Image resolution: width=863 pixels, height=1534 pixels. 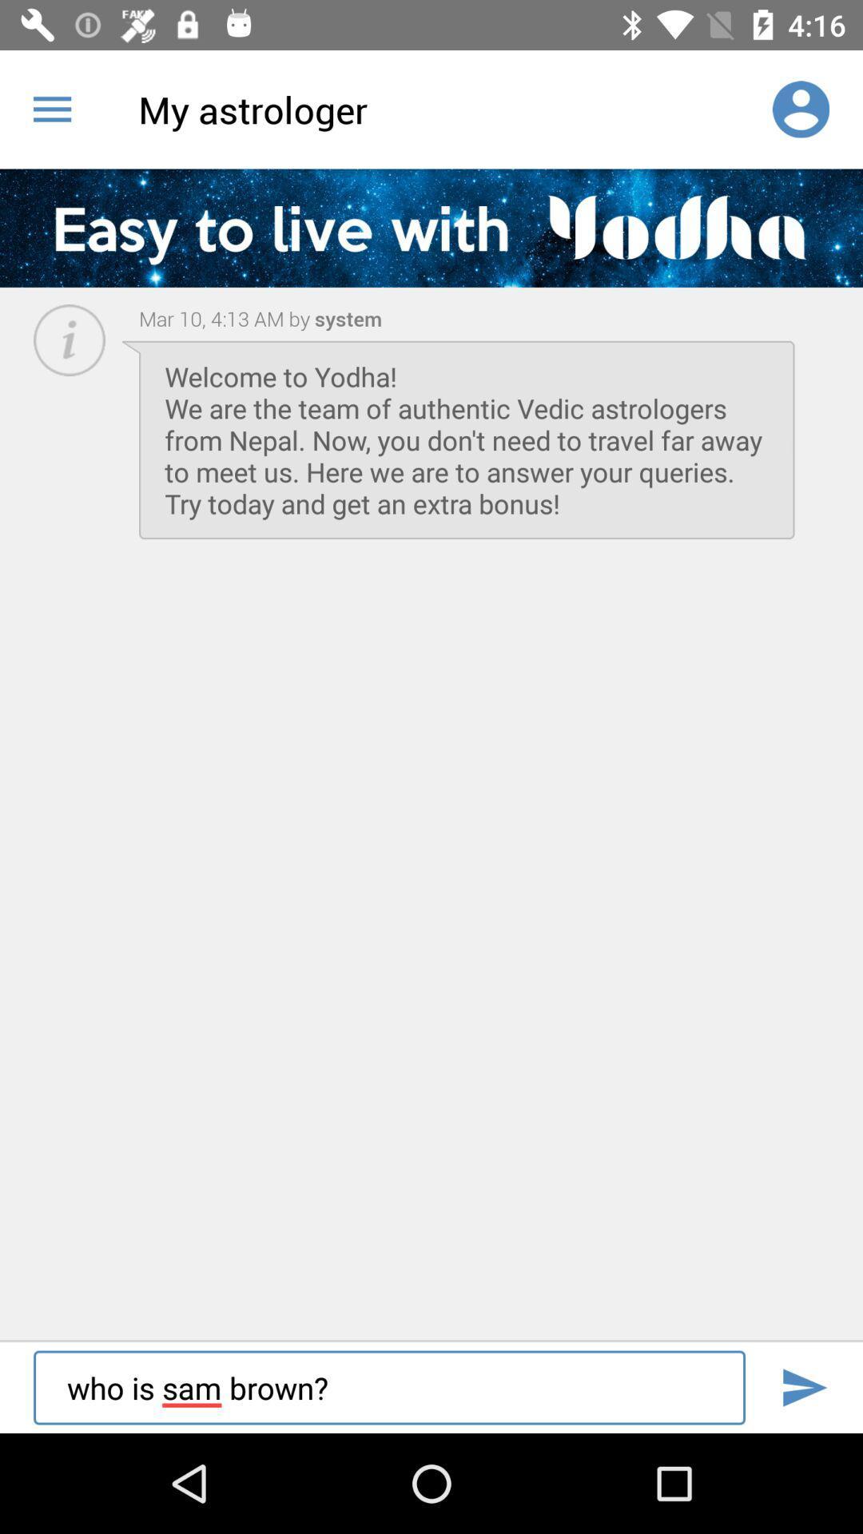 What do you see at coordinates (389, 1387) in the screenshot?
I see `the who is sam item` at bounding box center [389, 1387].